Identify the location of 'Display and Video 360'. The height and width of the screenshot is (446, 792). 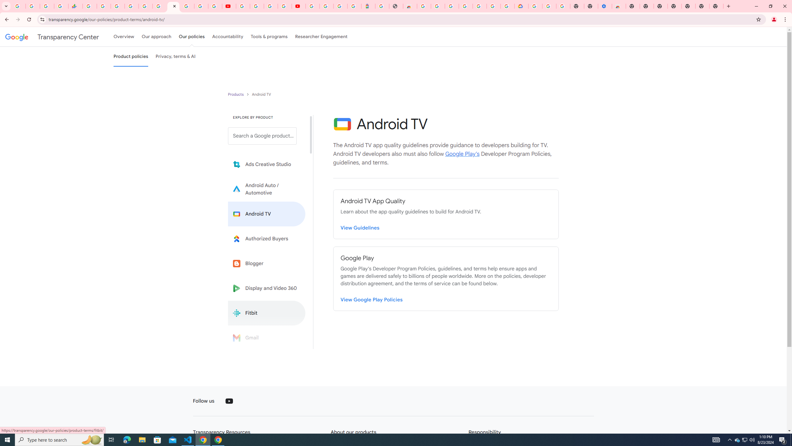
(266, 288).